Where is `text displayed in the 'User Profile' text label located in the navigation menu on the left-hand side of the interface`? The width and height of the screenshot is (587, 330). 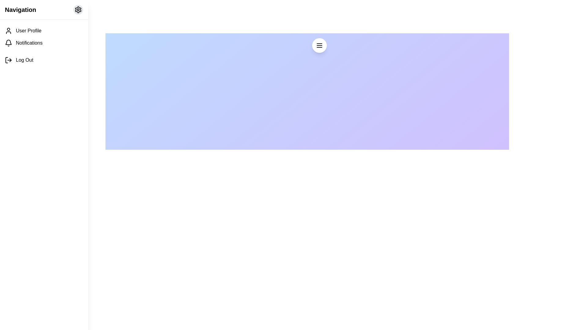
text displayed in the 'User Profile' text label located in the navigation menu on the left-hand side of the interface is located at coordinates (28, 31).